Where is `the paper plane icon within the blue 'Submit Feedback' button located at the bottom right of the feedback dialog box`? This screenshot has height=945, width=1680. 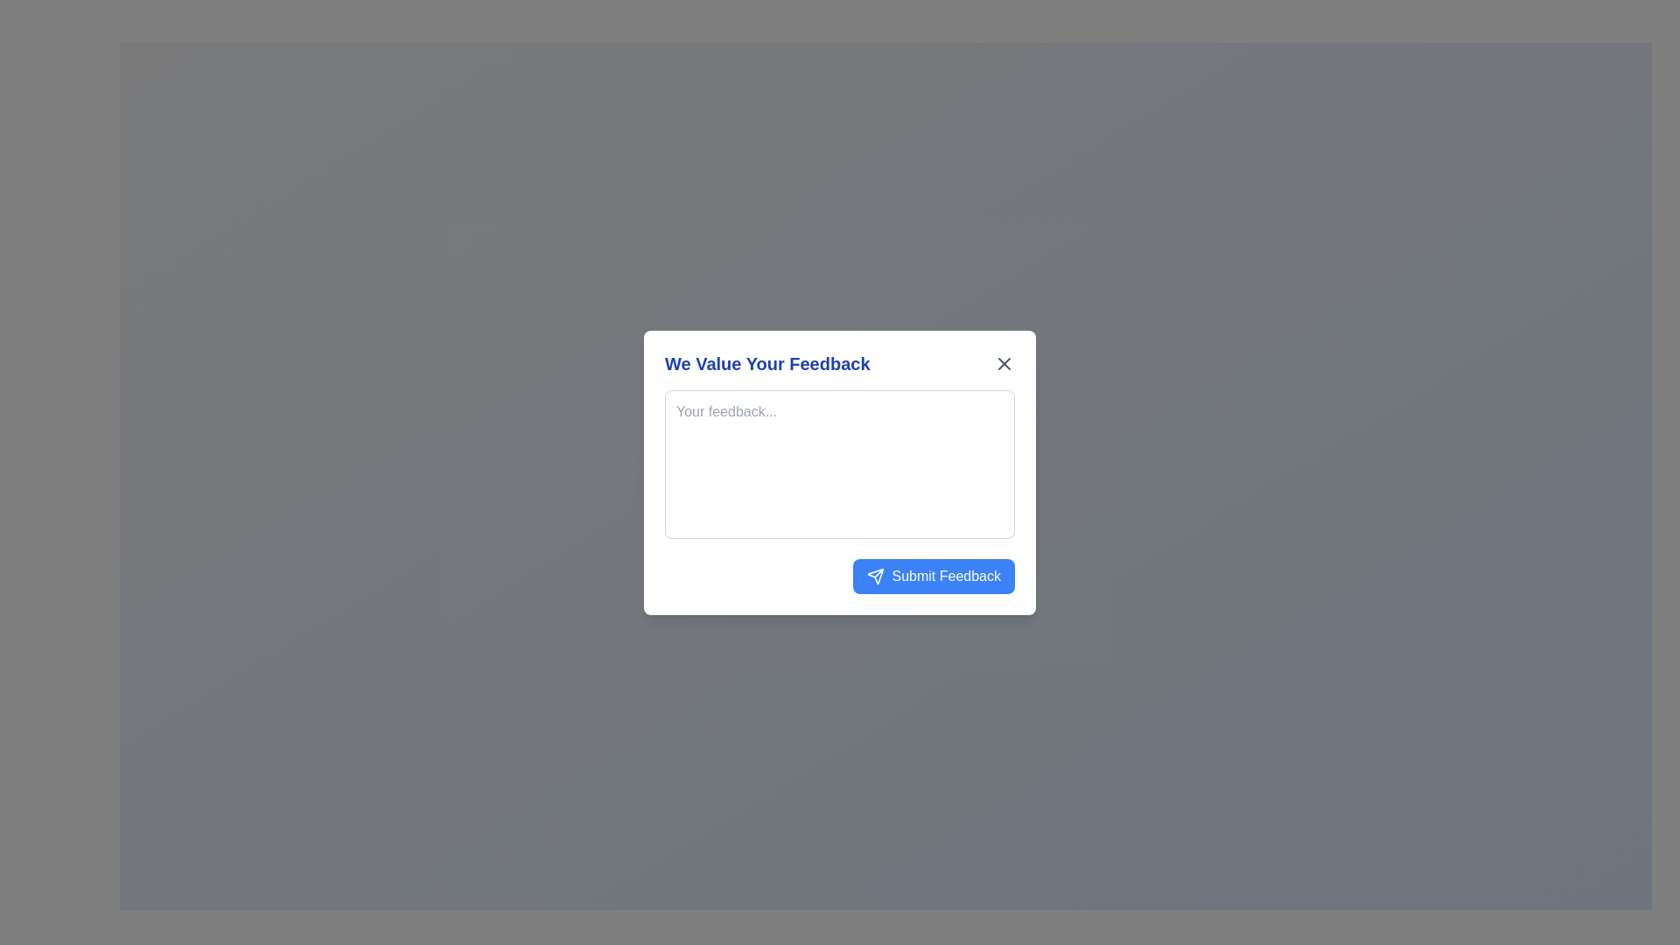 the paper plane icon within the blue 'Submit Feedback' button located at the bottom right of the feedback dialog box is located at coordinates (876, 576).